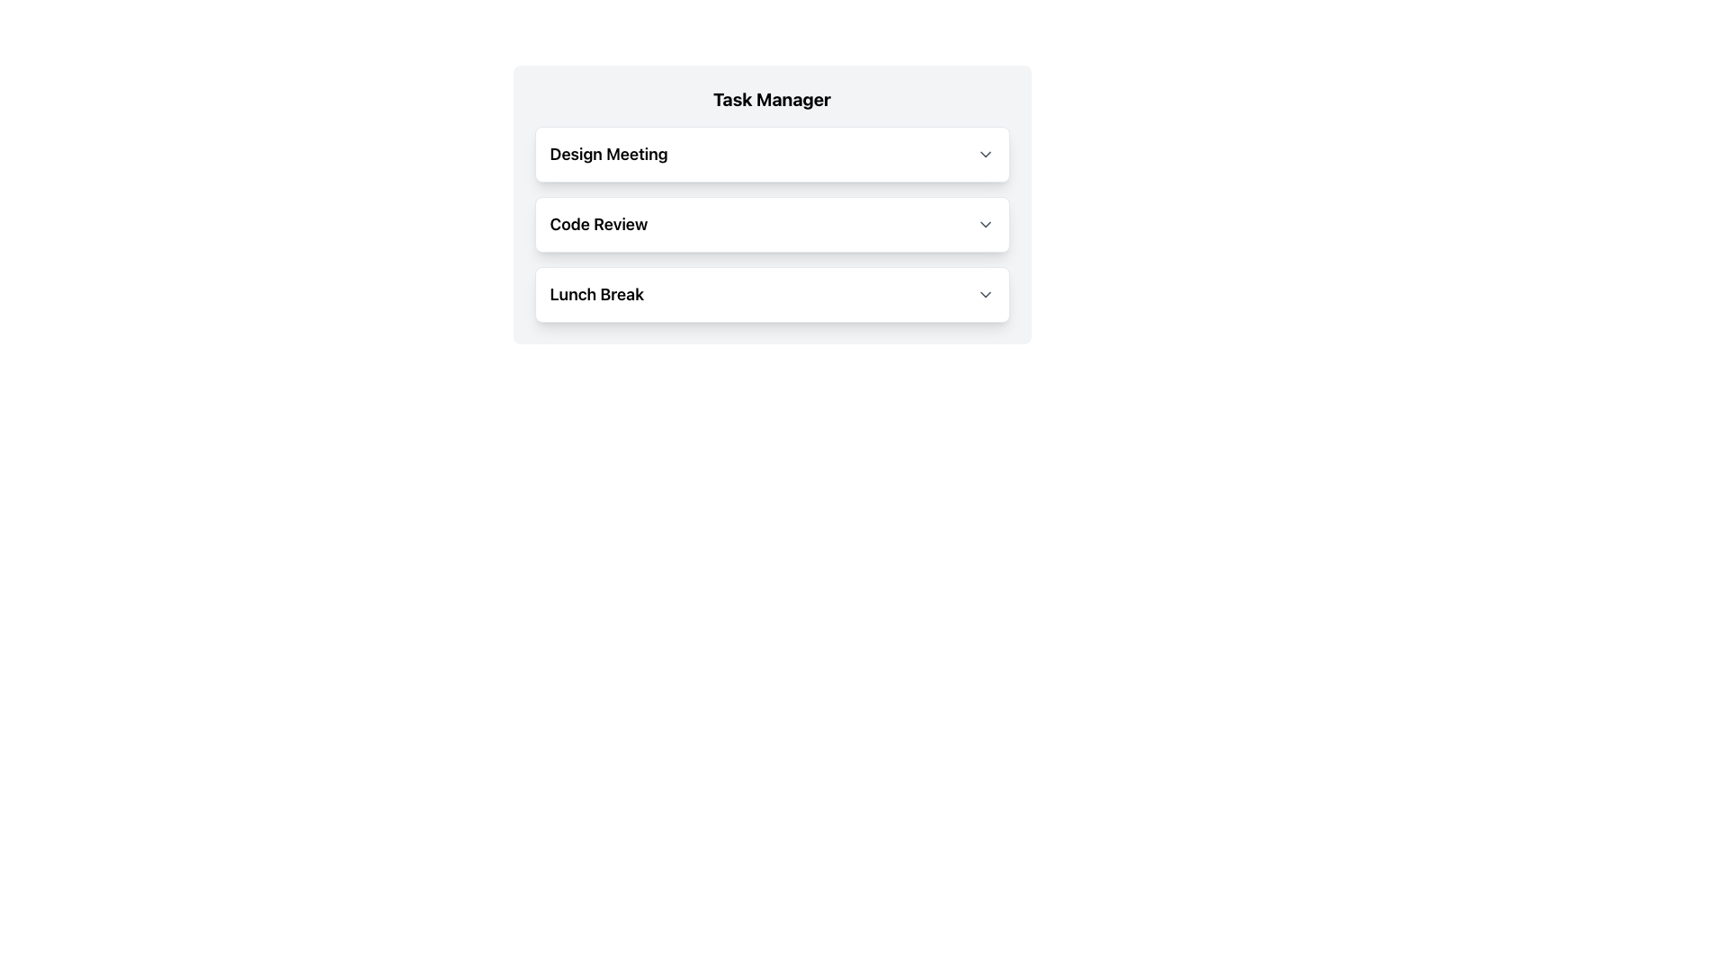  I want to click on the header element that indicates the purpose or content scope of the interface, positioned centrally above the collapsible list items ('Design Meeting', 'Code Review', 'Lunch Break'), so click(772, 100).